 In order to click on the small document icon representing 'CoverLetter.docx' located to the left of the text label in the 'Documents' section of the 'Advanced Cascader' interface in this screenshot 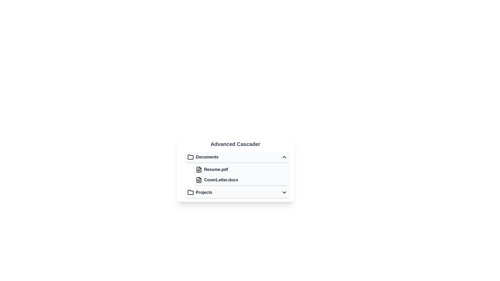, I will do `click(198, 180)`.